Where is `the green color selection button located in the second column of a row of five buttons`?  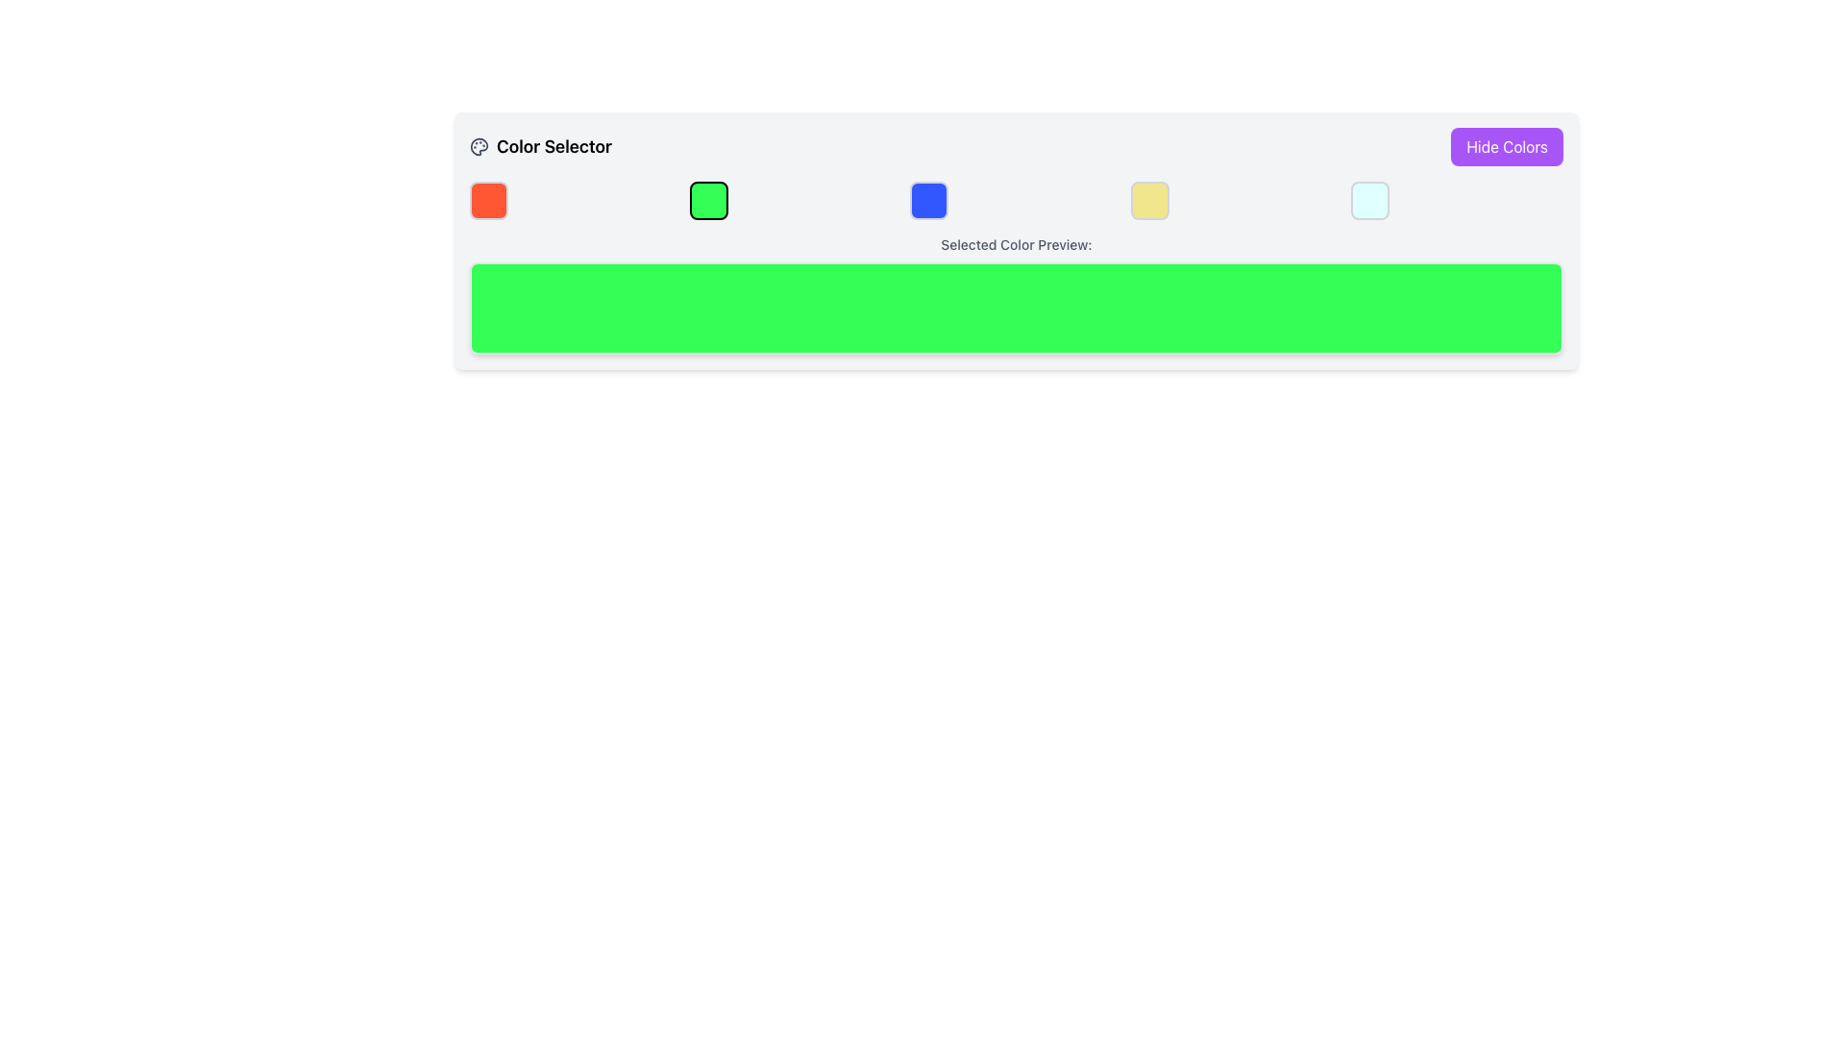
the green color selection button located in the second column of a row of five buttons is located at coordinates (708, 200).